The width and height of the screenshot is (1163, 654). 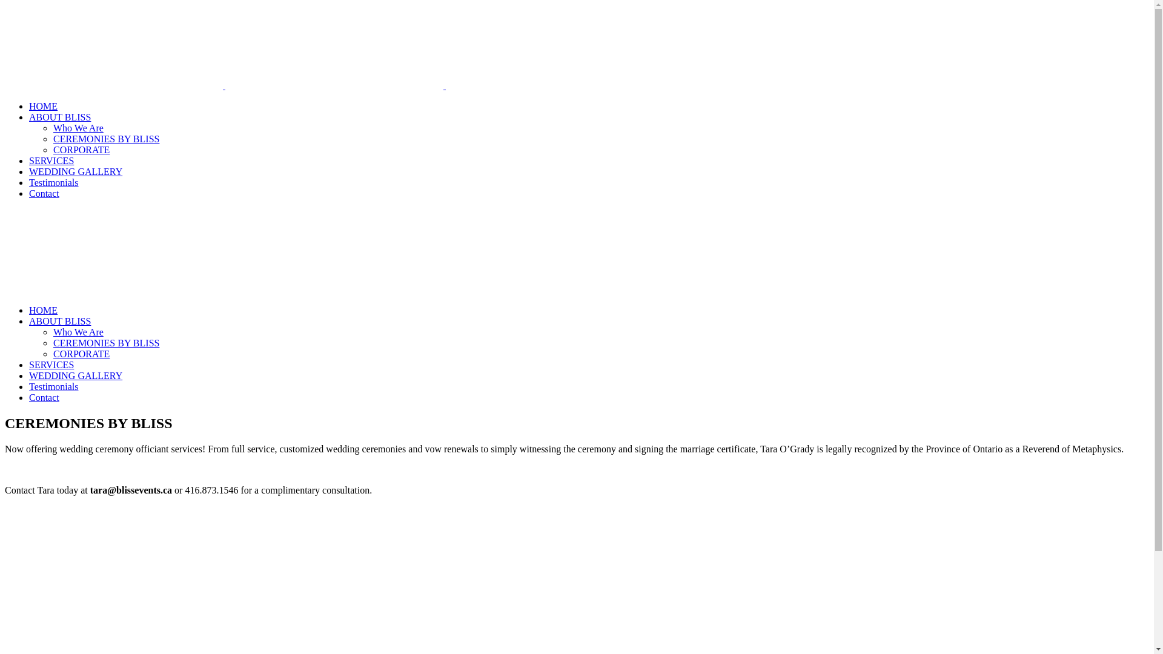 What do you see at coordinates (44, 397) in the screenshot?
I see `'Contact'` at bounding box center [44, 397].